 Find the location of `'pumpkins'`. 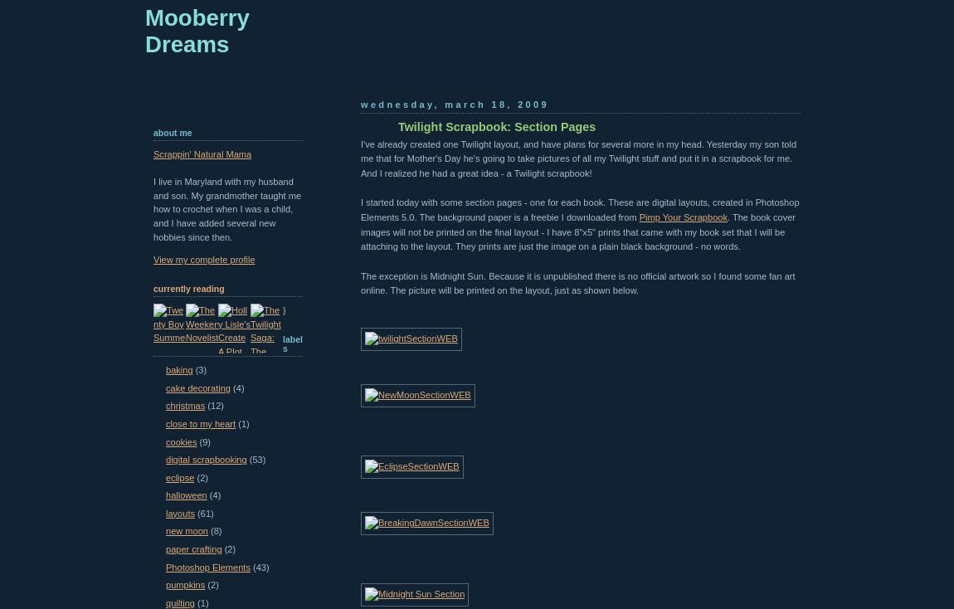

'pumpkins' is located at coordinates (184, 585).